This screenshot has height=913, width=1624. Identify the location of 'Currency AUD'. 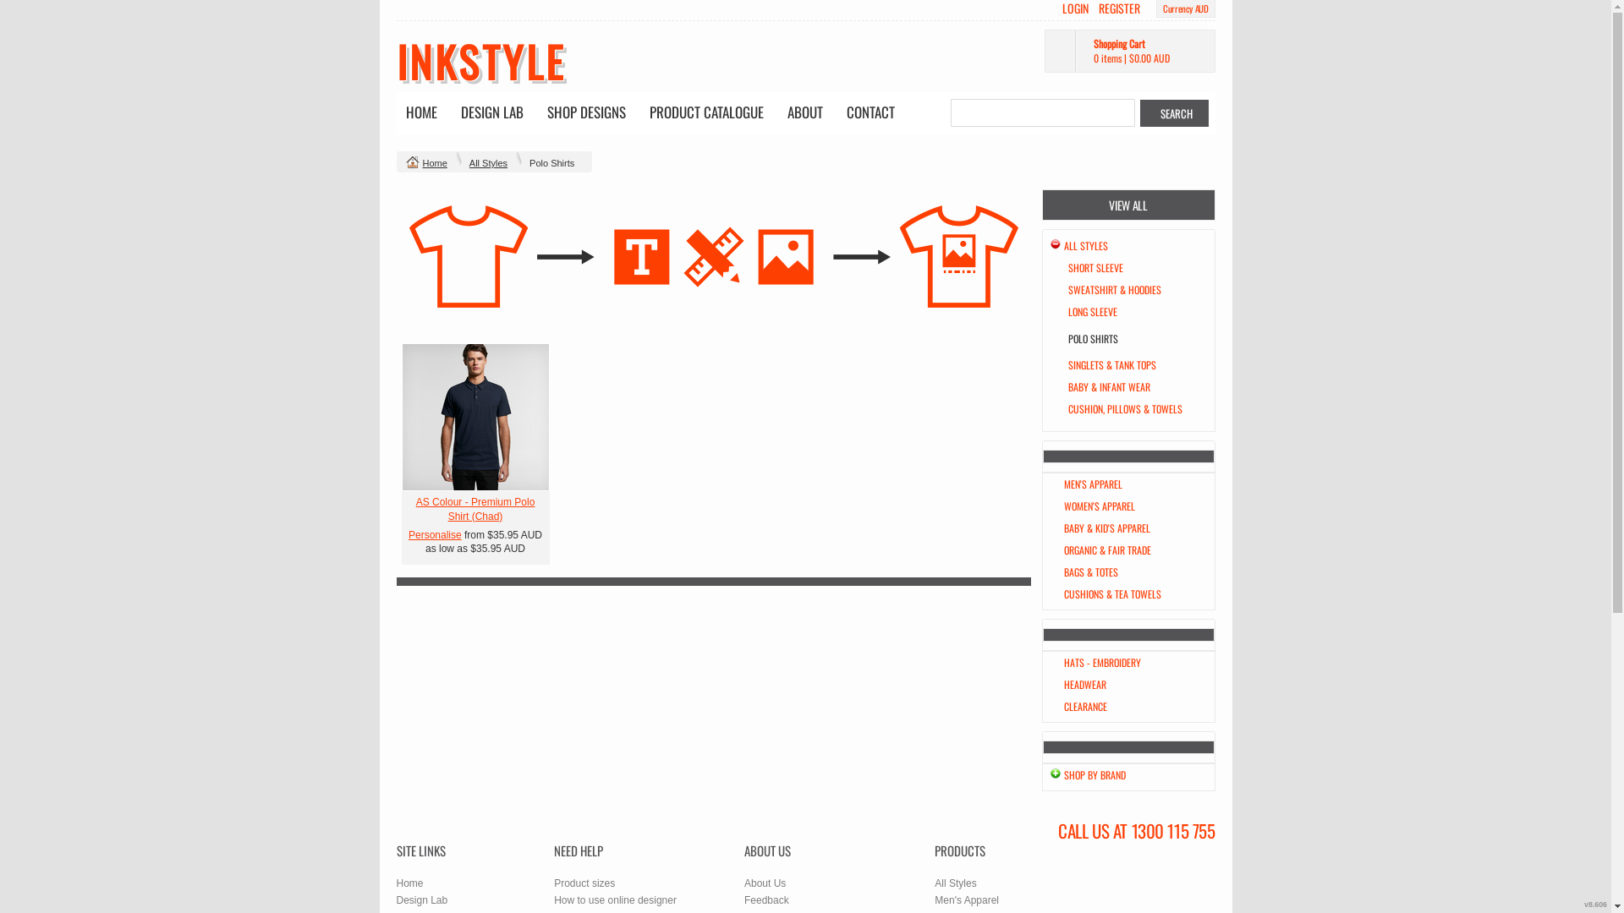
(1161, 8).